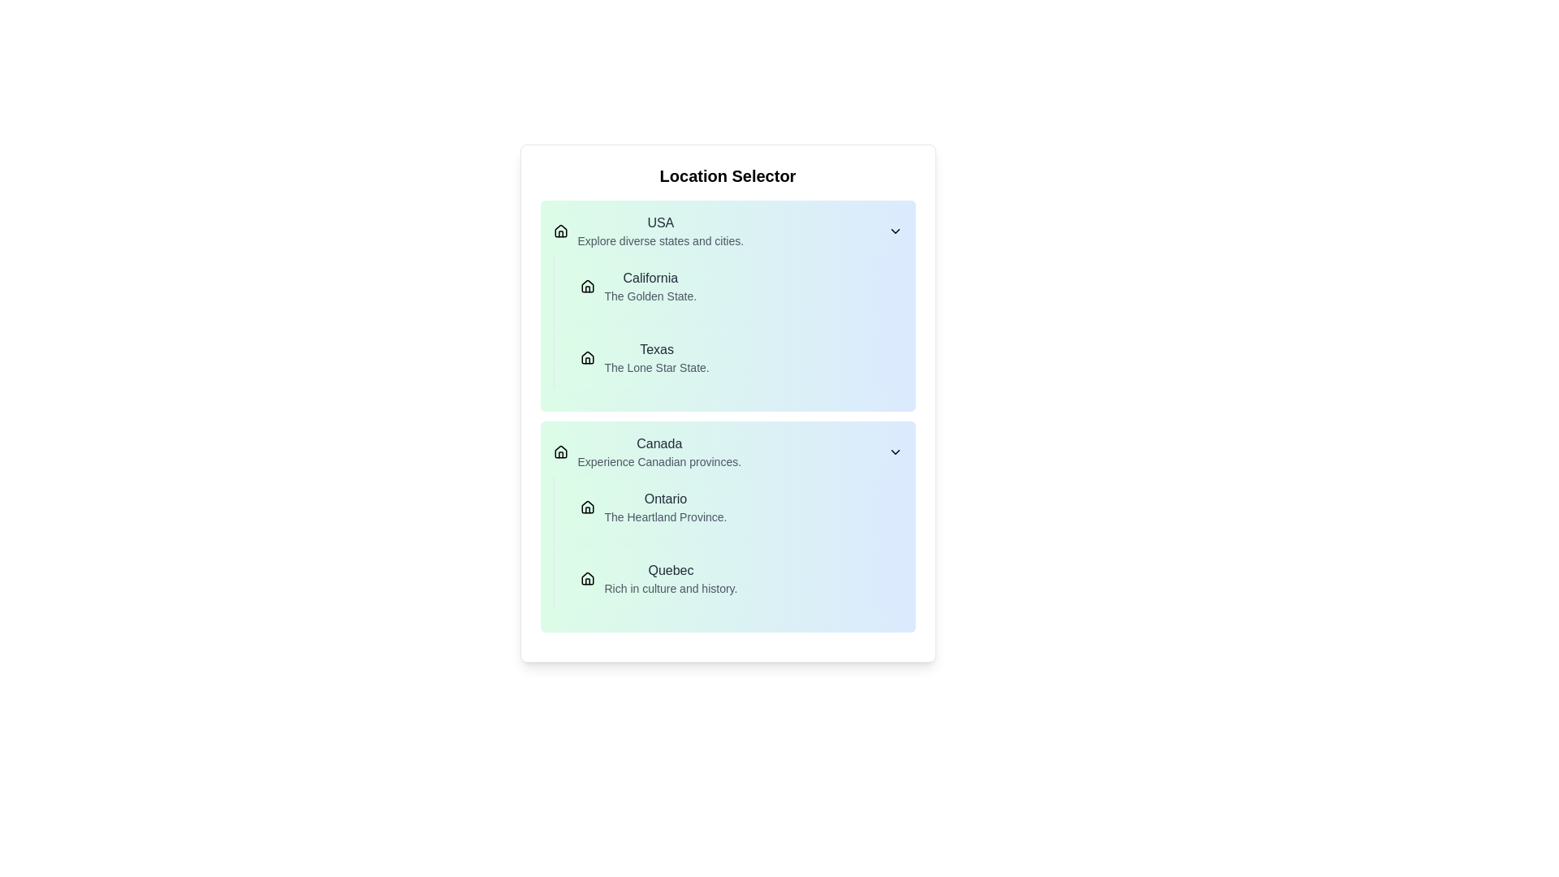 The height and width of the screenshot is (877, 1559). Describe the element at coordinates (671, 569) in the screenshot. I see `the 'Quebec' text label, which serves as a heading for the location and is positioned above the descriptive text 'Rich in culture and history.'` at that location.